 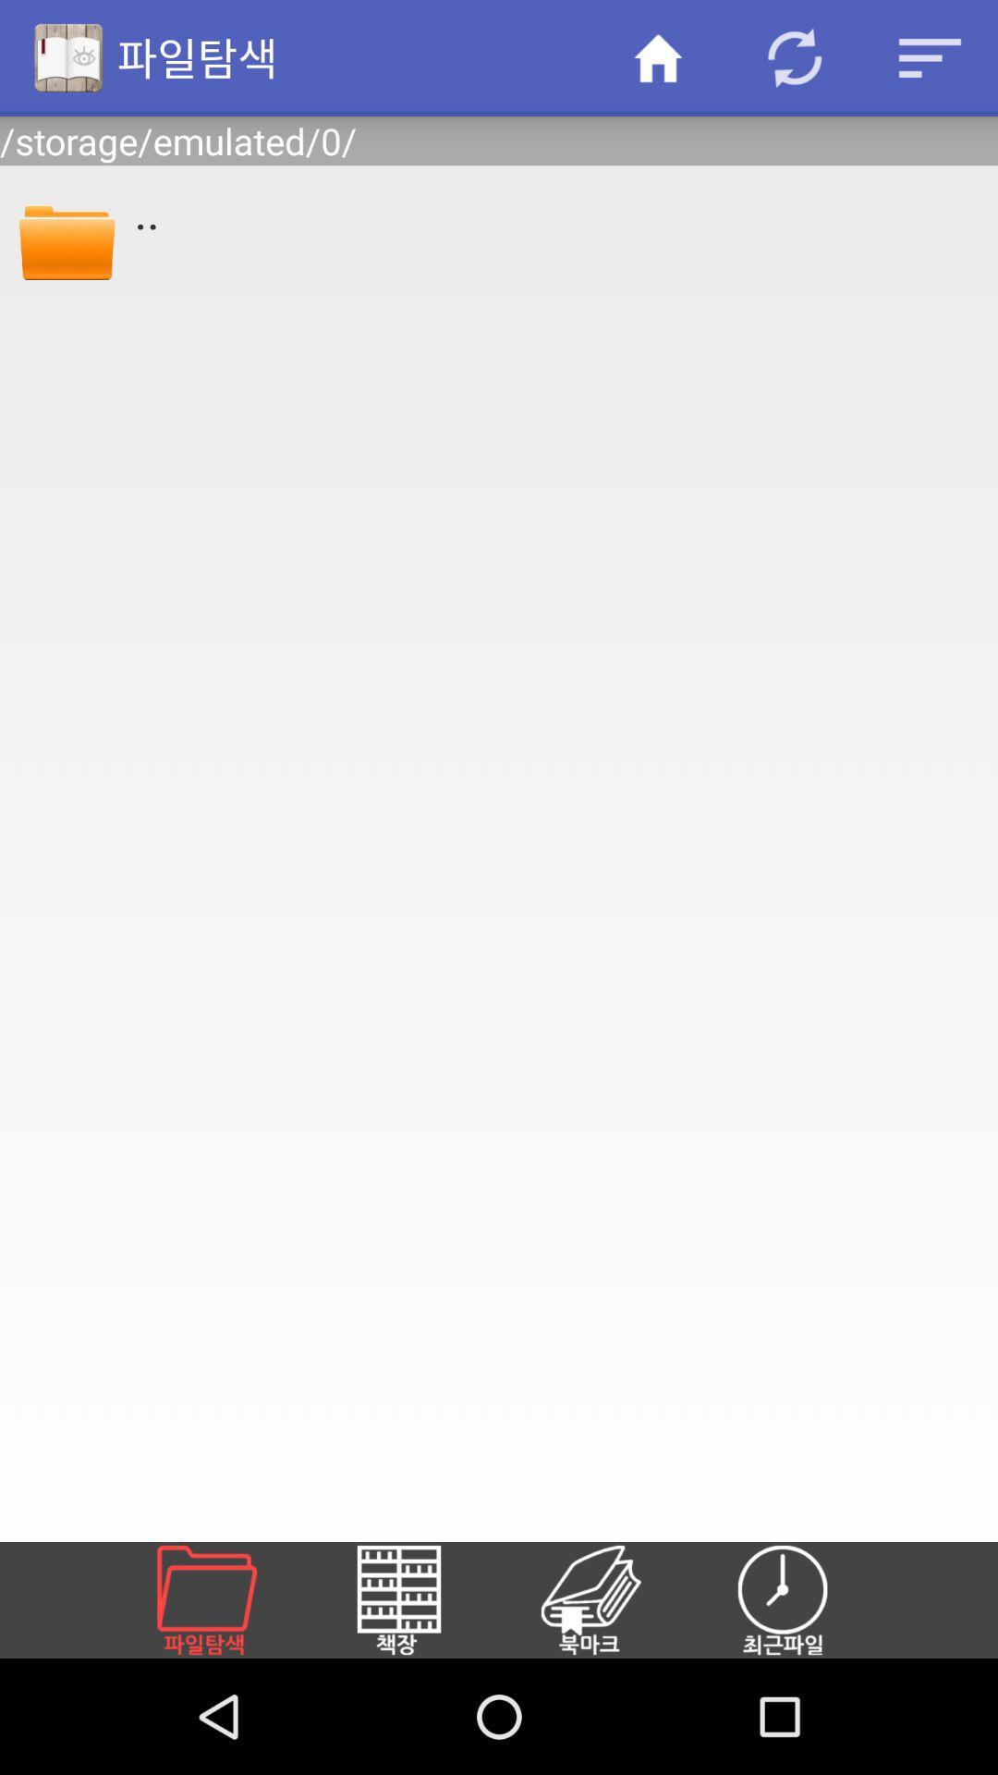 I want to click on item next to .., so click(x=66, y=238).